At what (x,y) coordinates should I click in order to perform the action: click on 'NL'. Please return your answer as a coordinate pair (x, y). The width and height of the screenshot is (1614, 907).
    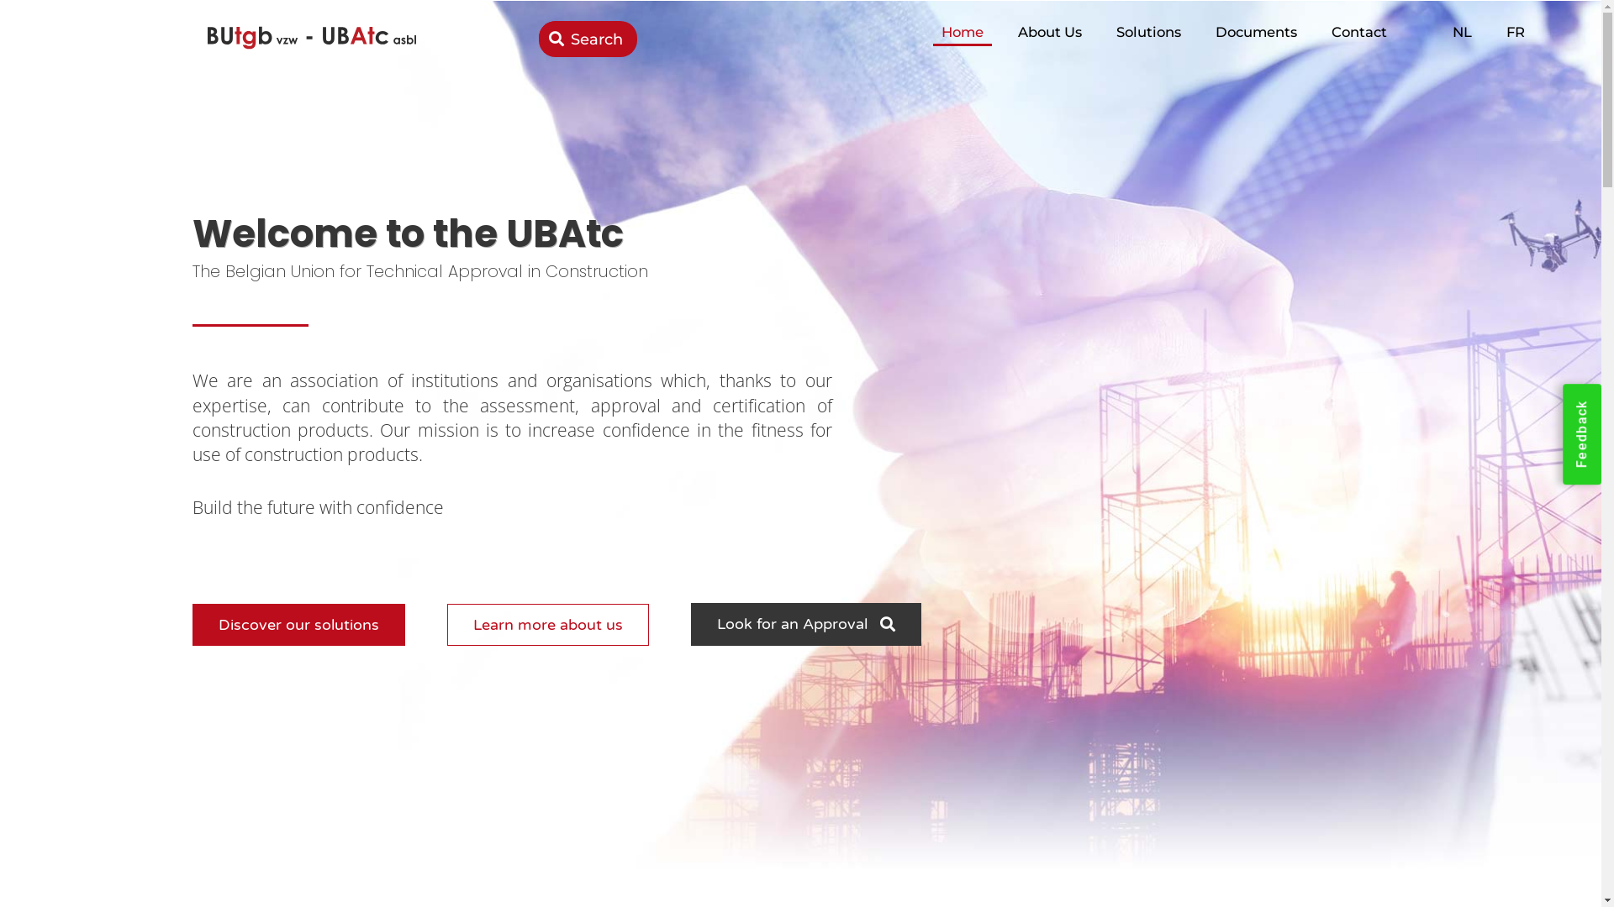
    Looking at the image, I should click on (1443, 32).